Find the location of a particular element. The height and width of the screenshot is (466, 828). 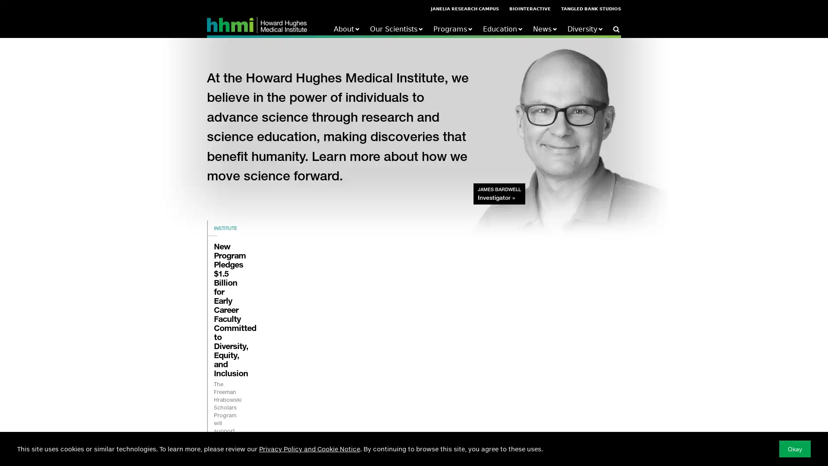

Okay is located at coordinates (794, 448).